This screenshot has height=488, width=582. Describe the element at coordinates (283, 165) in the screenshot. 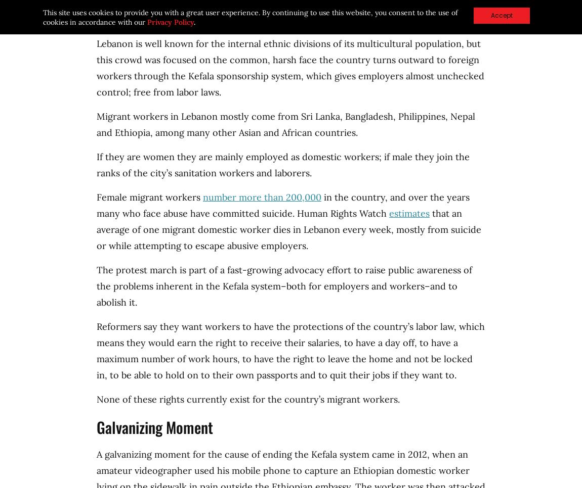

I see `'If they are women they are mainly employed as domestic workers; if male they join the ranks of the city’s sanitation workers and laborers.'` at that location.